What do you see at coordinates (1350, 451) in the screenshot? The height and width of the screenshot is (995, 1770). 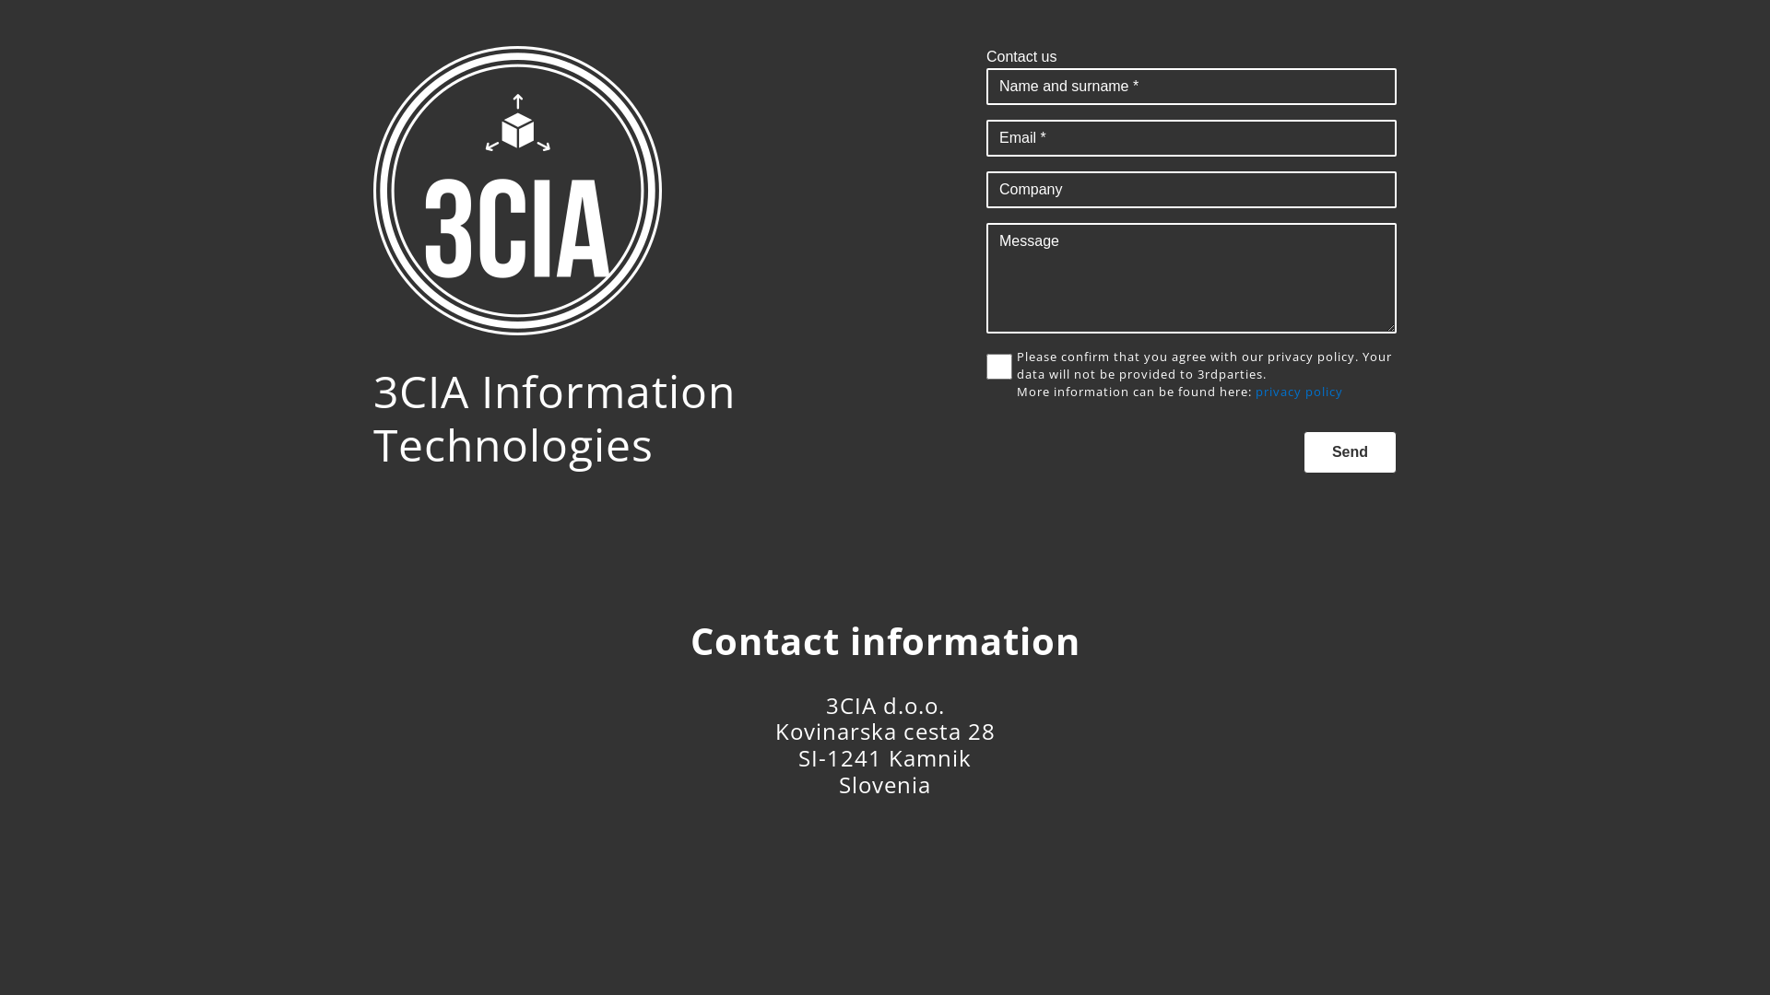 I see `'Send'` at bounding box center [1350, 451].